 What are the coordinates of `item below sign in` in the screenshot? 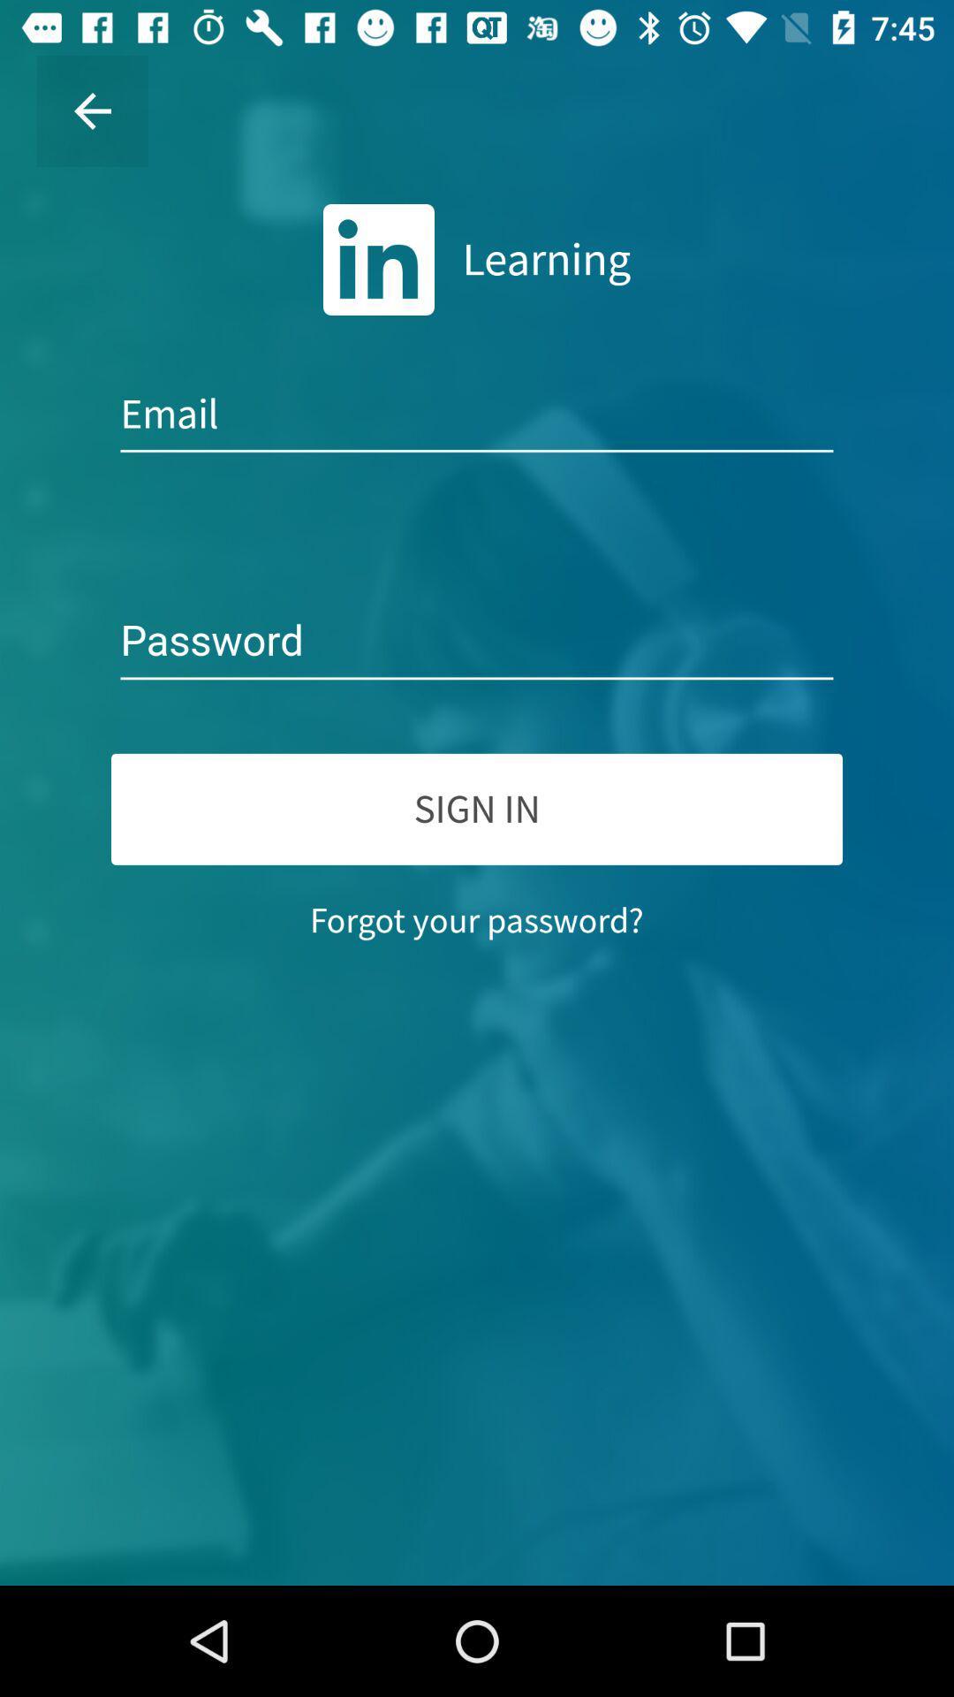 It's located at (477, 919).